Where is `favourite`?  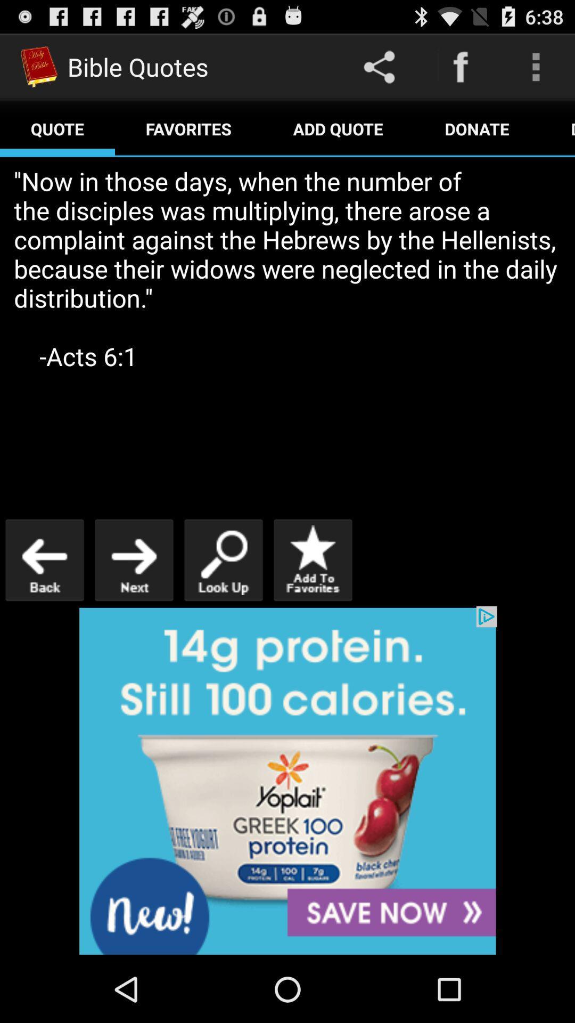 favourite is located at coordinates (312, 559).